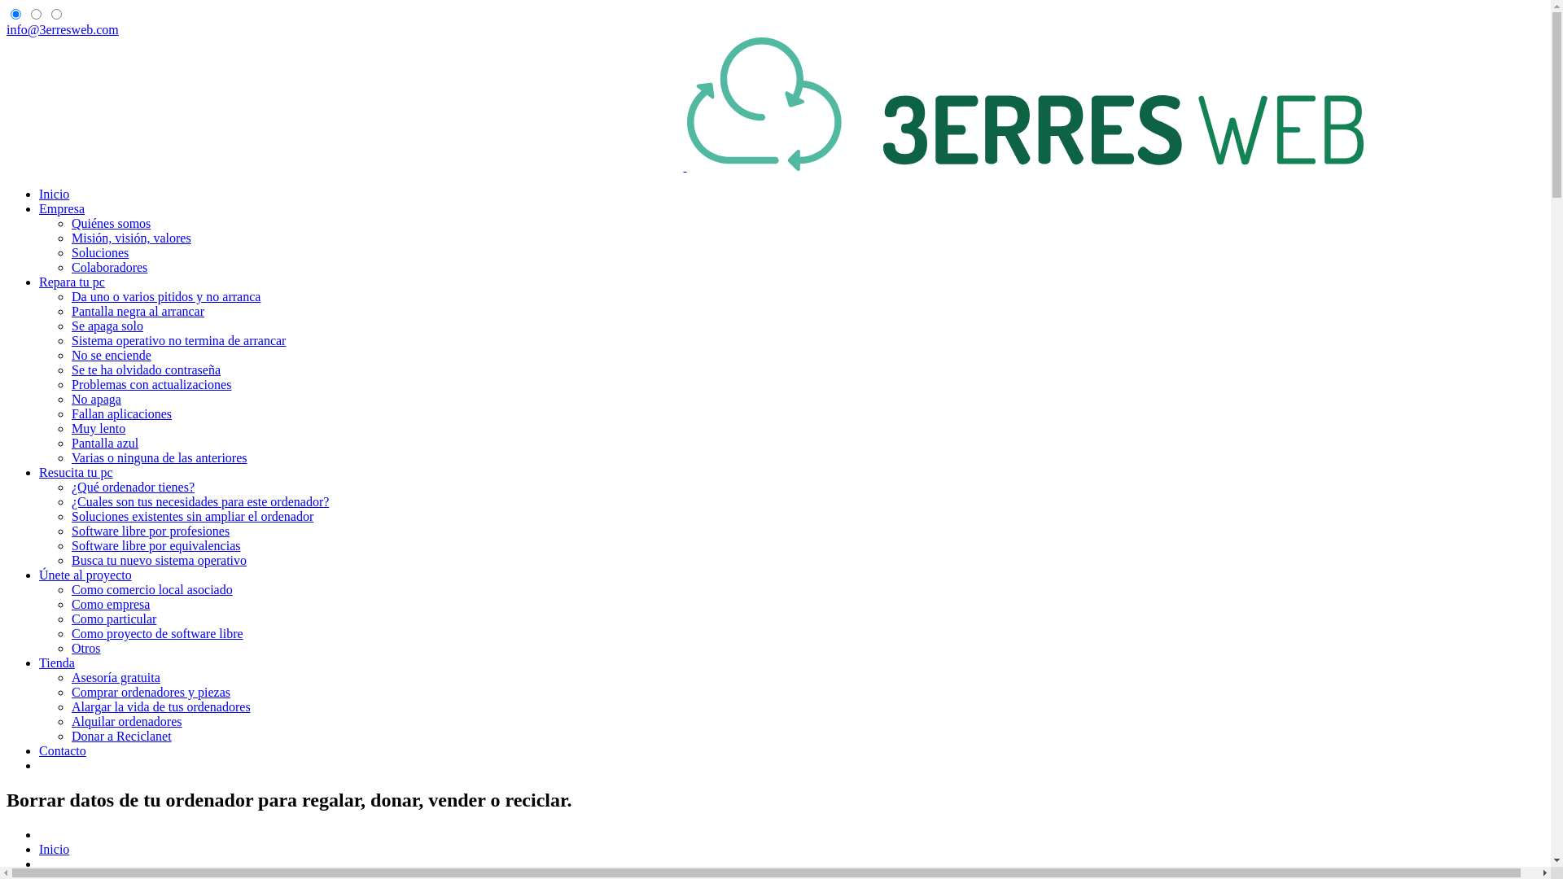 This screenshot has width=1563, height=879. I want to click on 'Sistema operativo no termina de arrancar', so click(178, 339).